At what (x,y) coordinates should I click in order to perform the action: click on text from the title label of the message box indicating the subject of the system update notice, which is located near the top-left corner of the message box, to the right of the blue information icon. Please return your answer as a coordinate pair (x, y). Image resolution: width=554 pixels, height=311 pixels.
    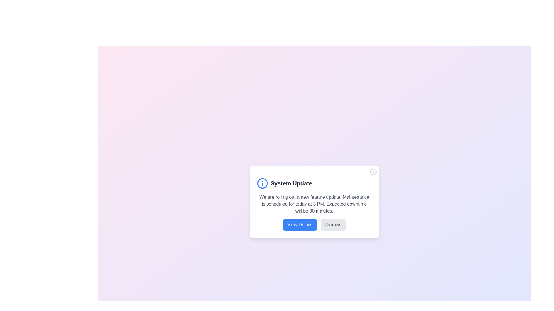
    Looking at the image, I should click on (291, 183).